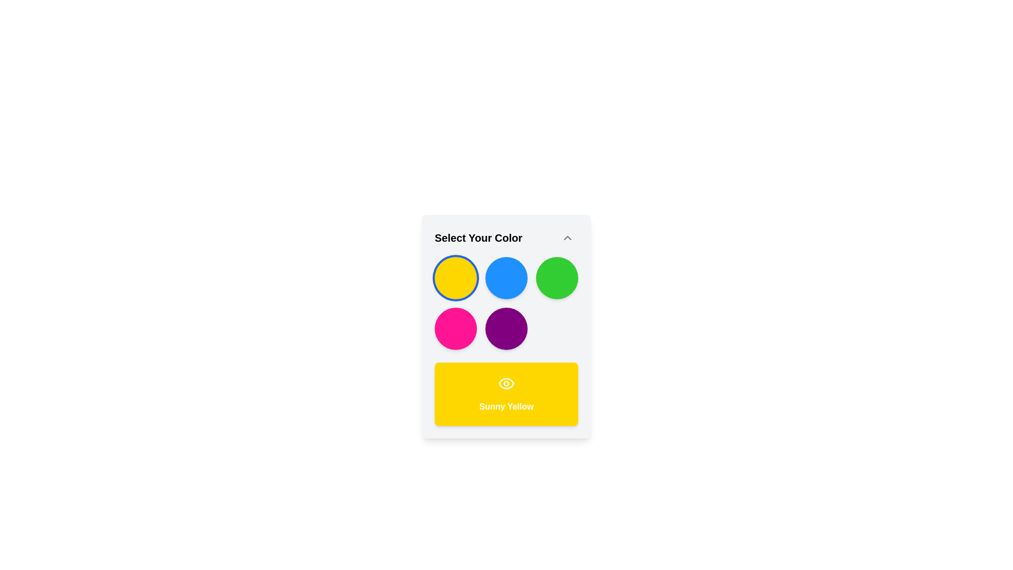  What do you see at coordinates (567, 238) in the screenshot?
I see `the interactive button located to the far right of the heading text 'Select Your Color'` at bounding box center [567, 238].